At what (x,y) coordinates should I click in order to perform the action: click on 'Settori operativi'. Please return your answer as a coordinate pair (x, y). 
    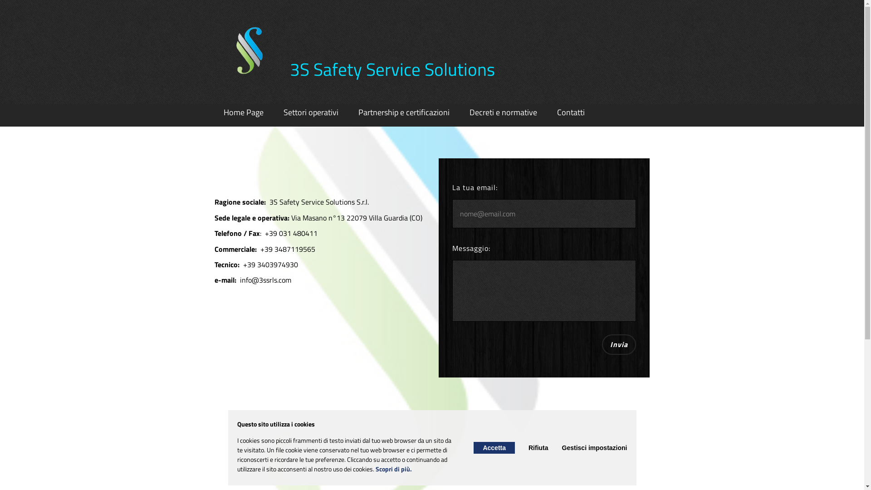
    Looking at the image, I should click on (310, 112).